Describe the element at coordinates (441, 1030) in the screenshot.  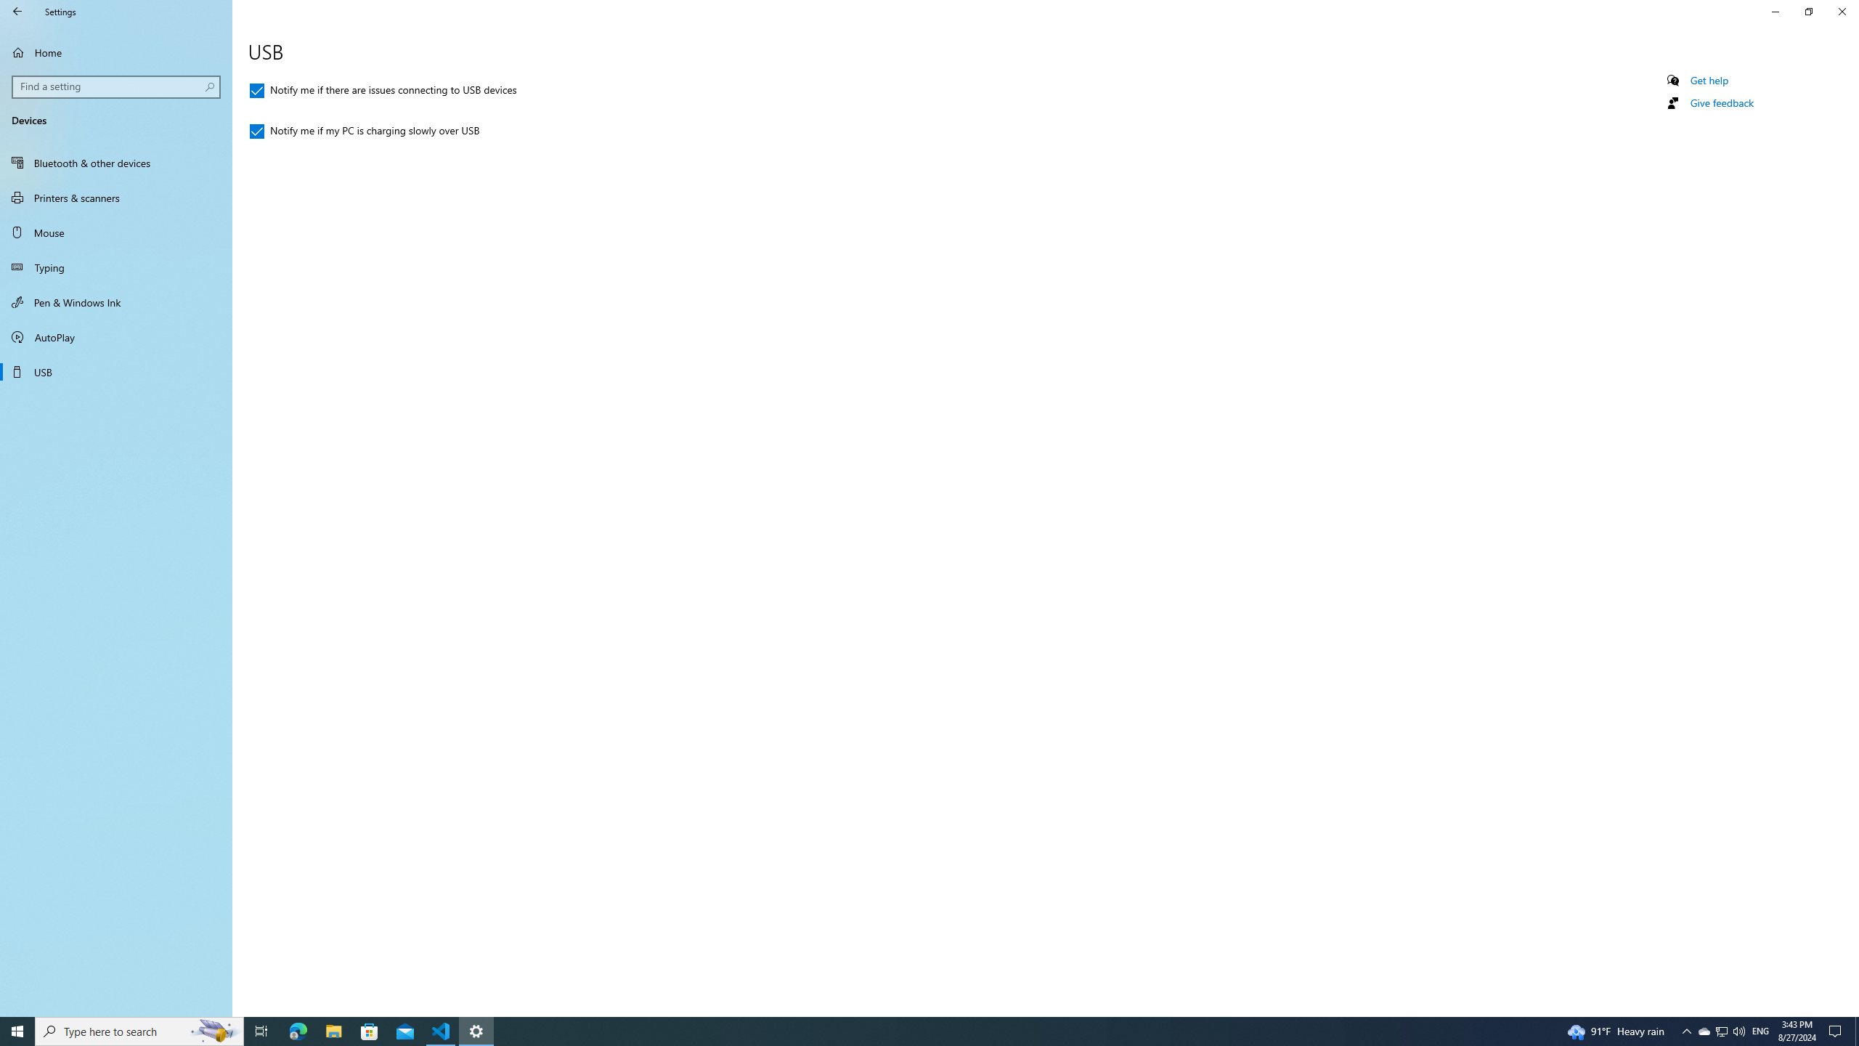
I see `'Visual Studio Code - 1 running window'` at that location.